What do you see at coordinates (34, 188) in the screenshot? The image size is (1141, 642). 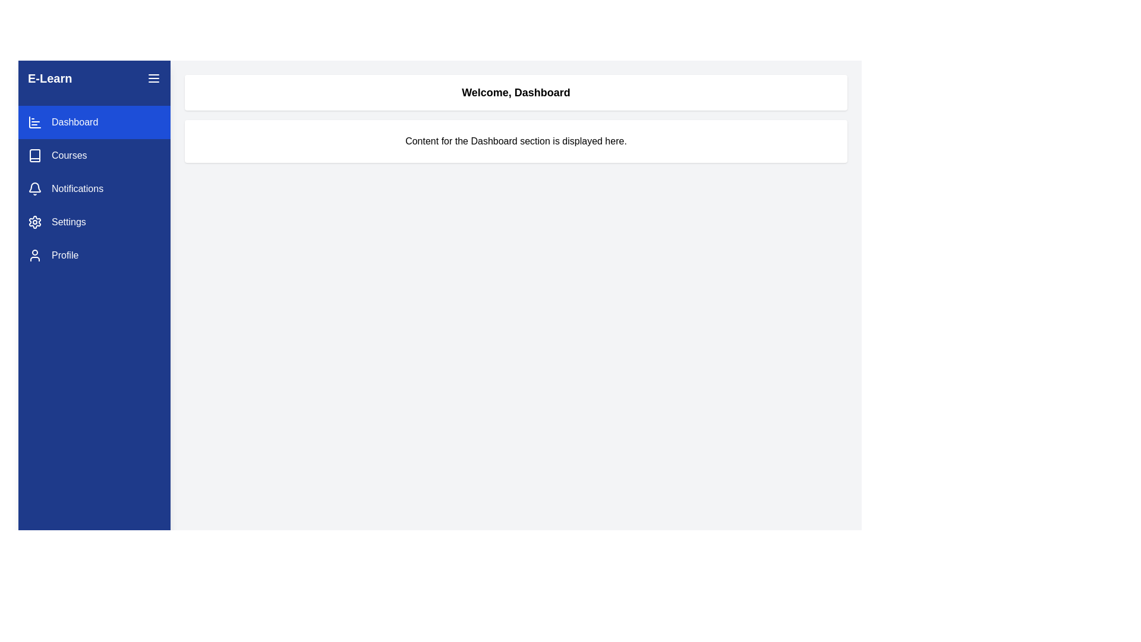 I see `the bell icon representing the notification functionality in the vertical navigation menu` at bounding box center [34, 188].